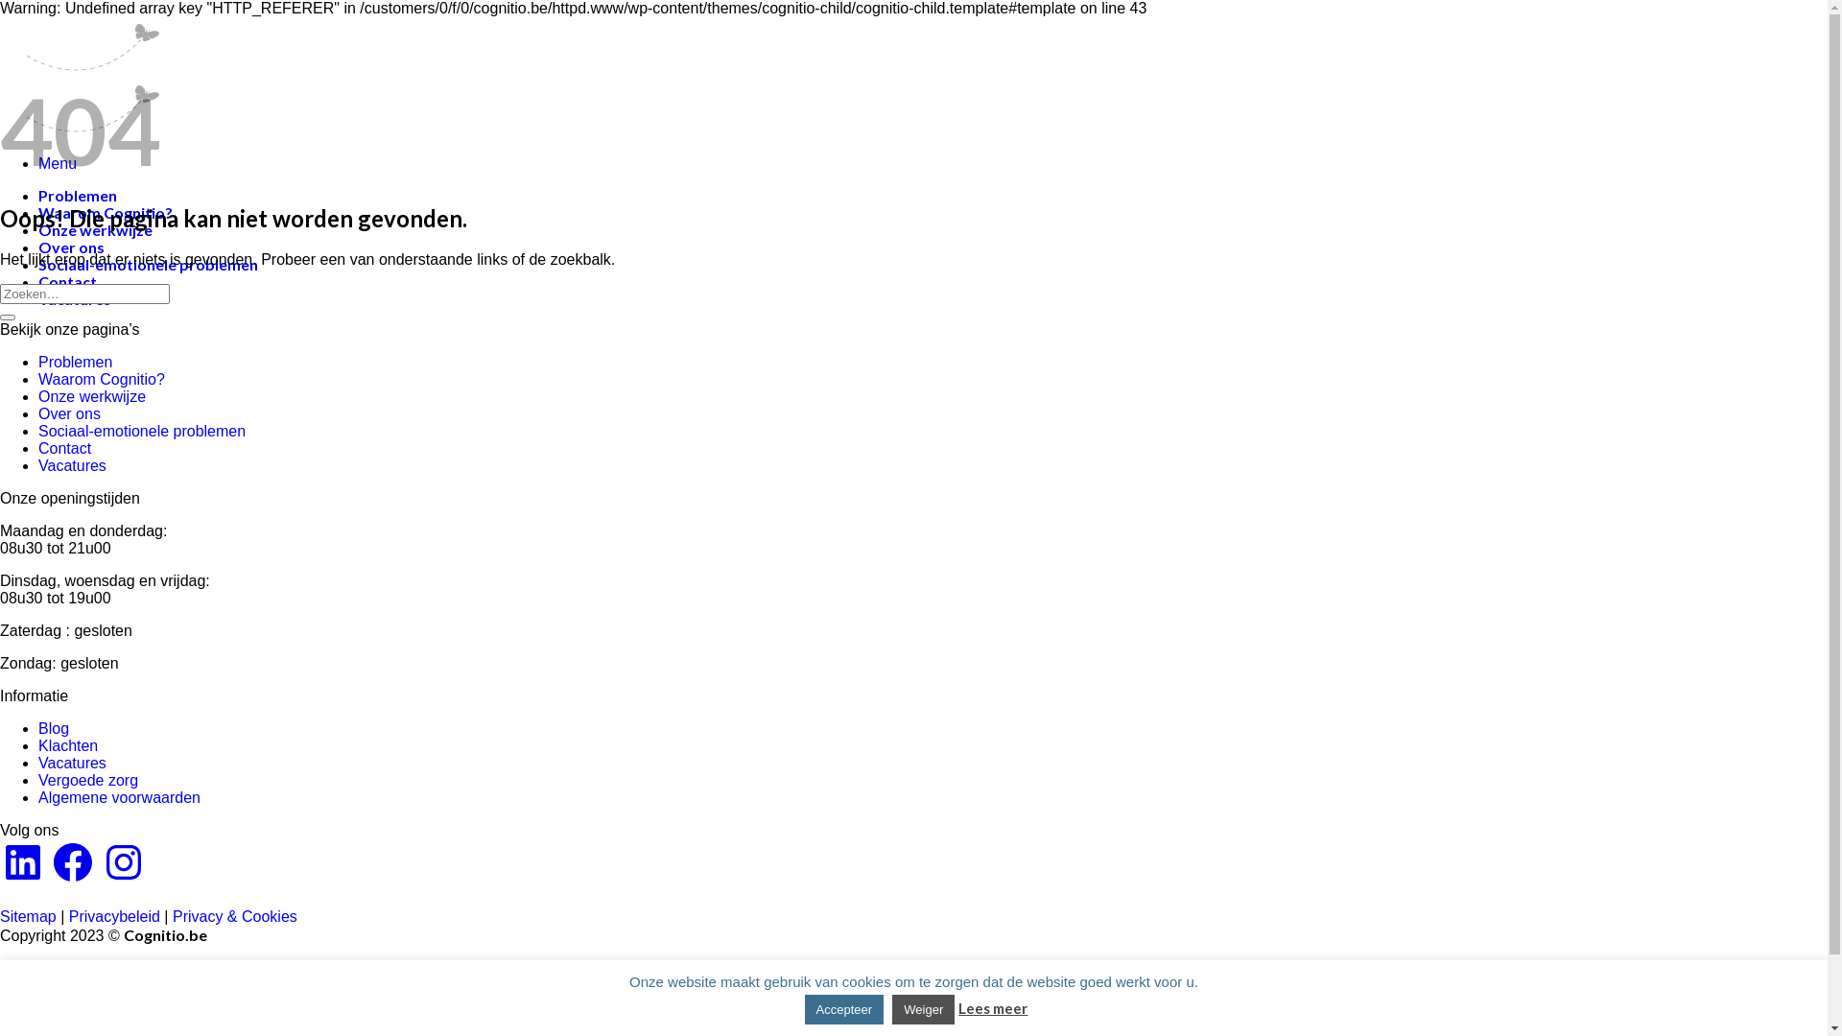 The width and height of the screenshot is (1842, 1036). What do you see at coordinates (23, 860) in the screenshot?
I see `'LinkedIn'` at bounding box center [23, 860].